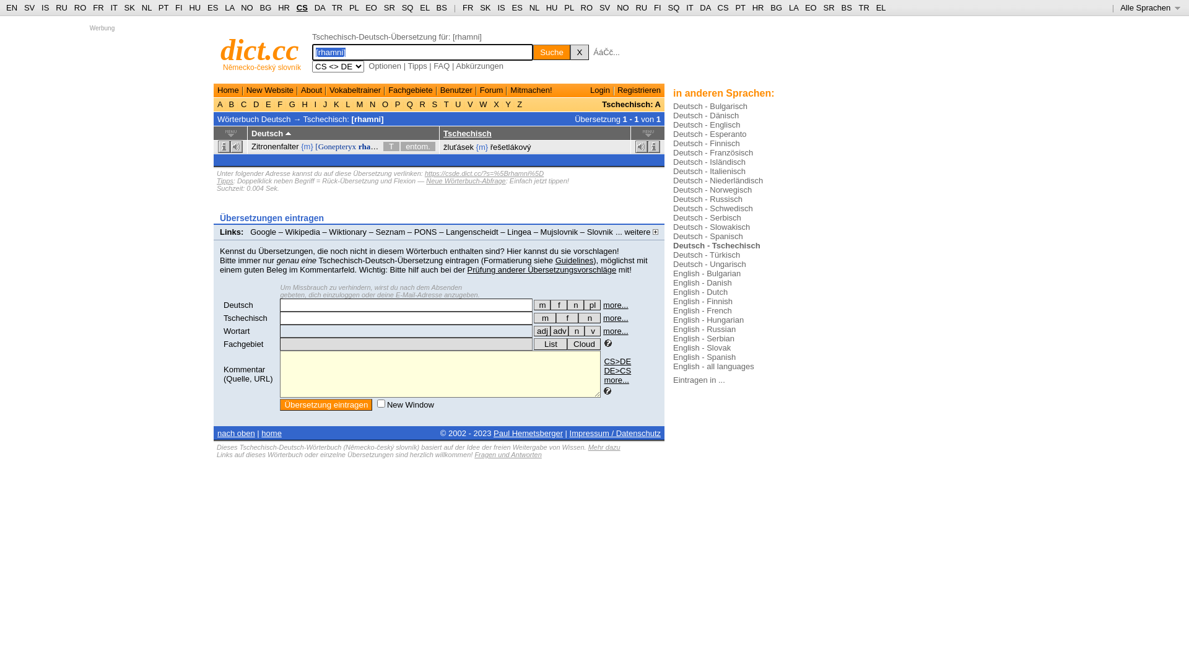  Describe the element at coordinates (424, 7) in the screenshot. I see `'EL'` at that location.